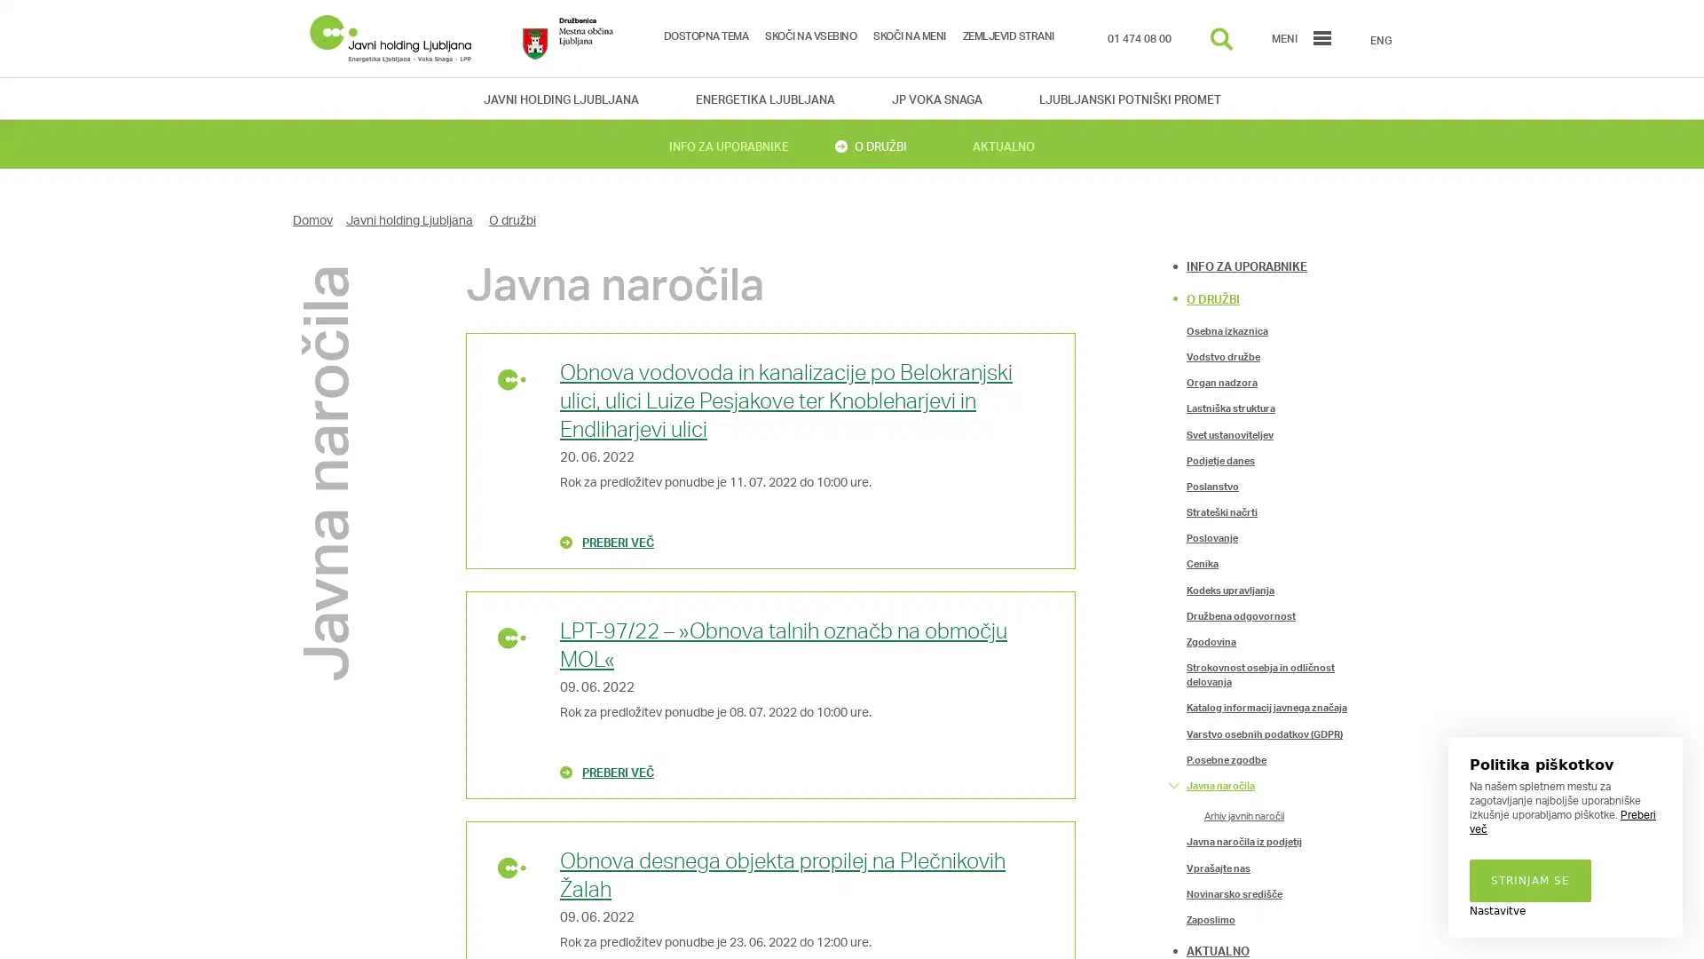 The width and height of the screenshot is (1704, 959). What do you see at coordinates (1174, 614) in the screenshot?
I see `Razsiri meni` at bounding box center [1174, 614].